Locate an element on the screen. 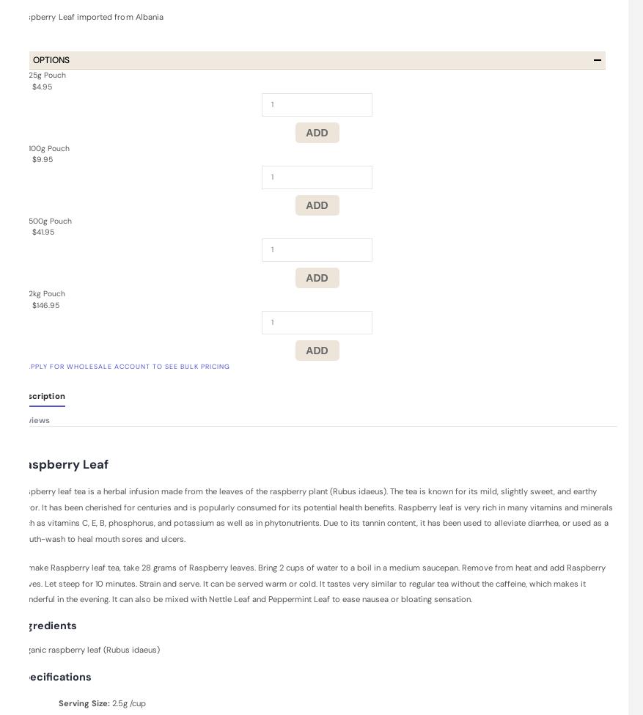 The image size is (643, 715). '100g Pouch' is located at coordinates (49, 147).